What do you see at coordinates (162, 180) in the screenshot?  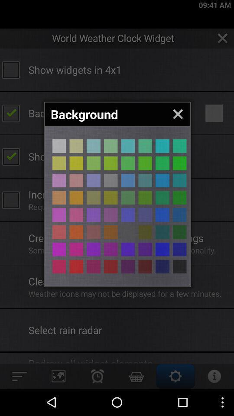 I see `color button` at bounding box center [162, 180].